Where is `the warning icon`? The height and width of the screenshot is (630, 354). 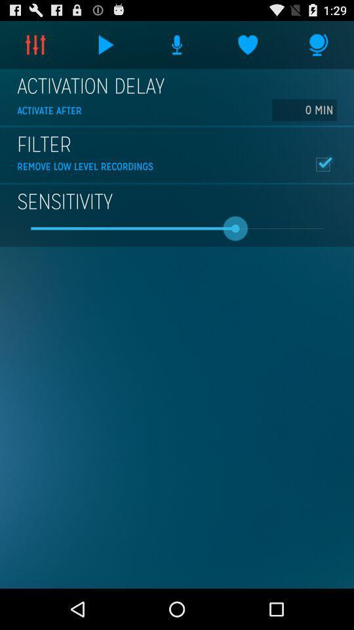
the warning icon is located at coordinates (177, 47).